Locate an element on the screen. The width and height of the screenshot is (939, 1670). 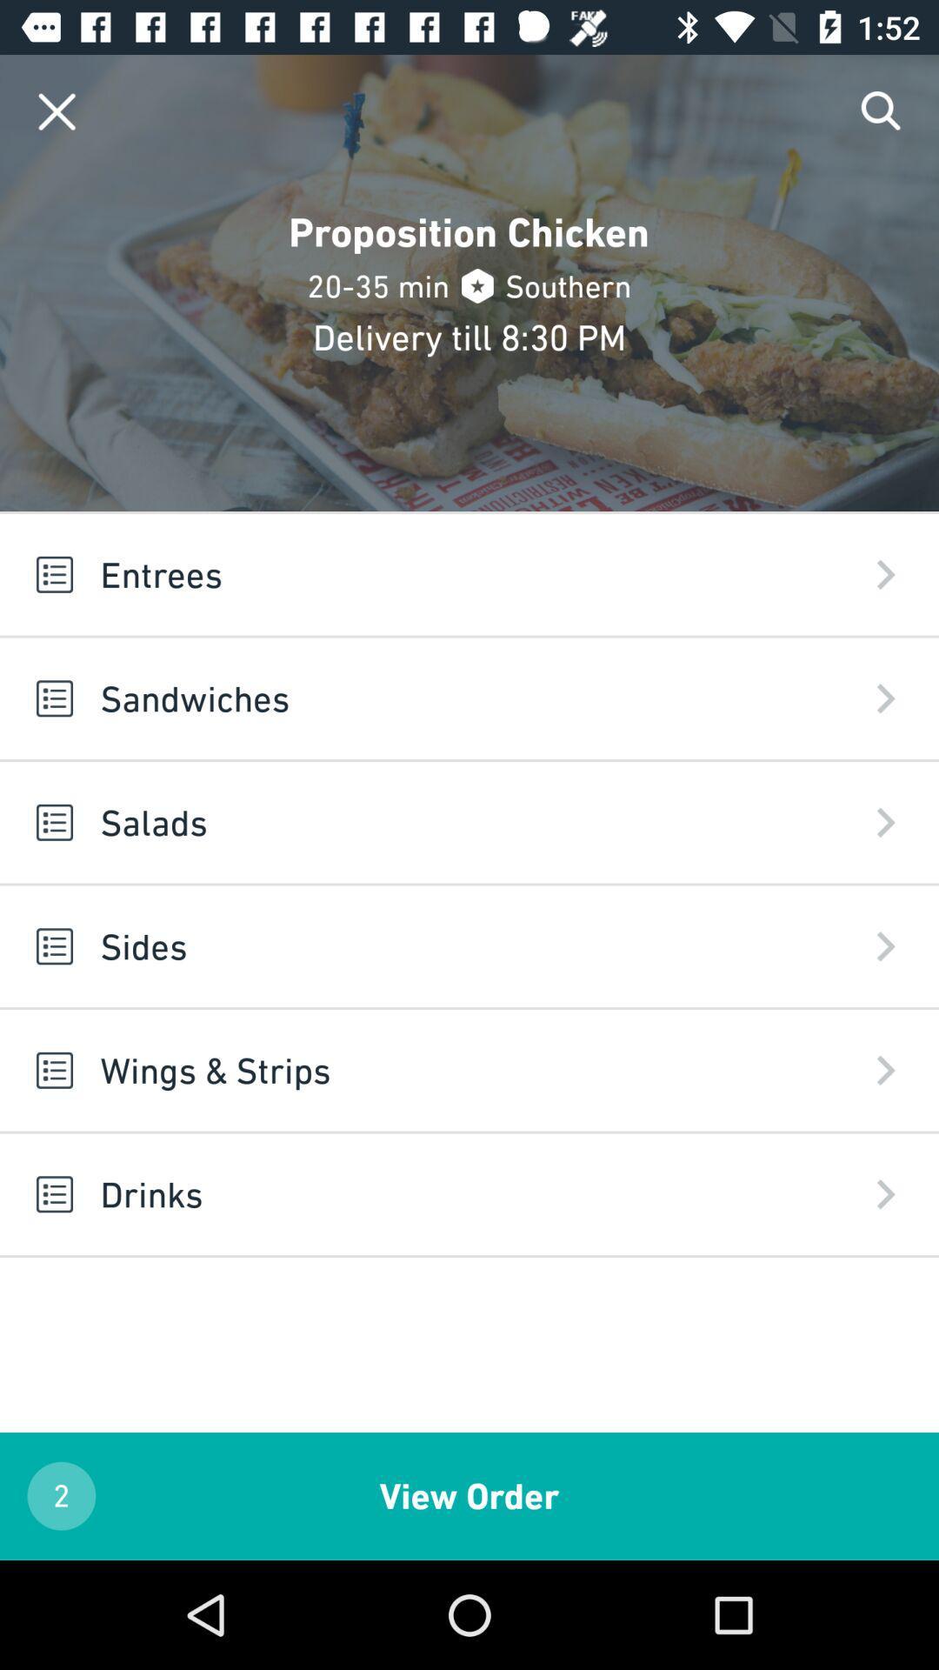
search is located at coordinates (882, 110).